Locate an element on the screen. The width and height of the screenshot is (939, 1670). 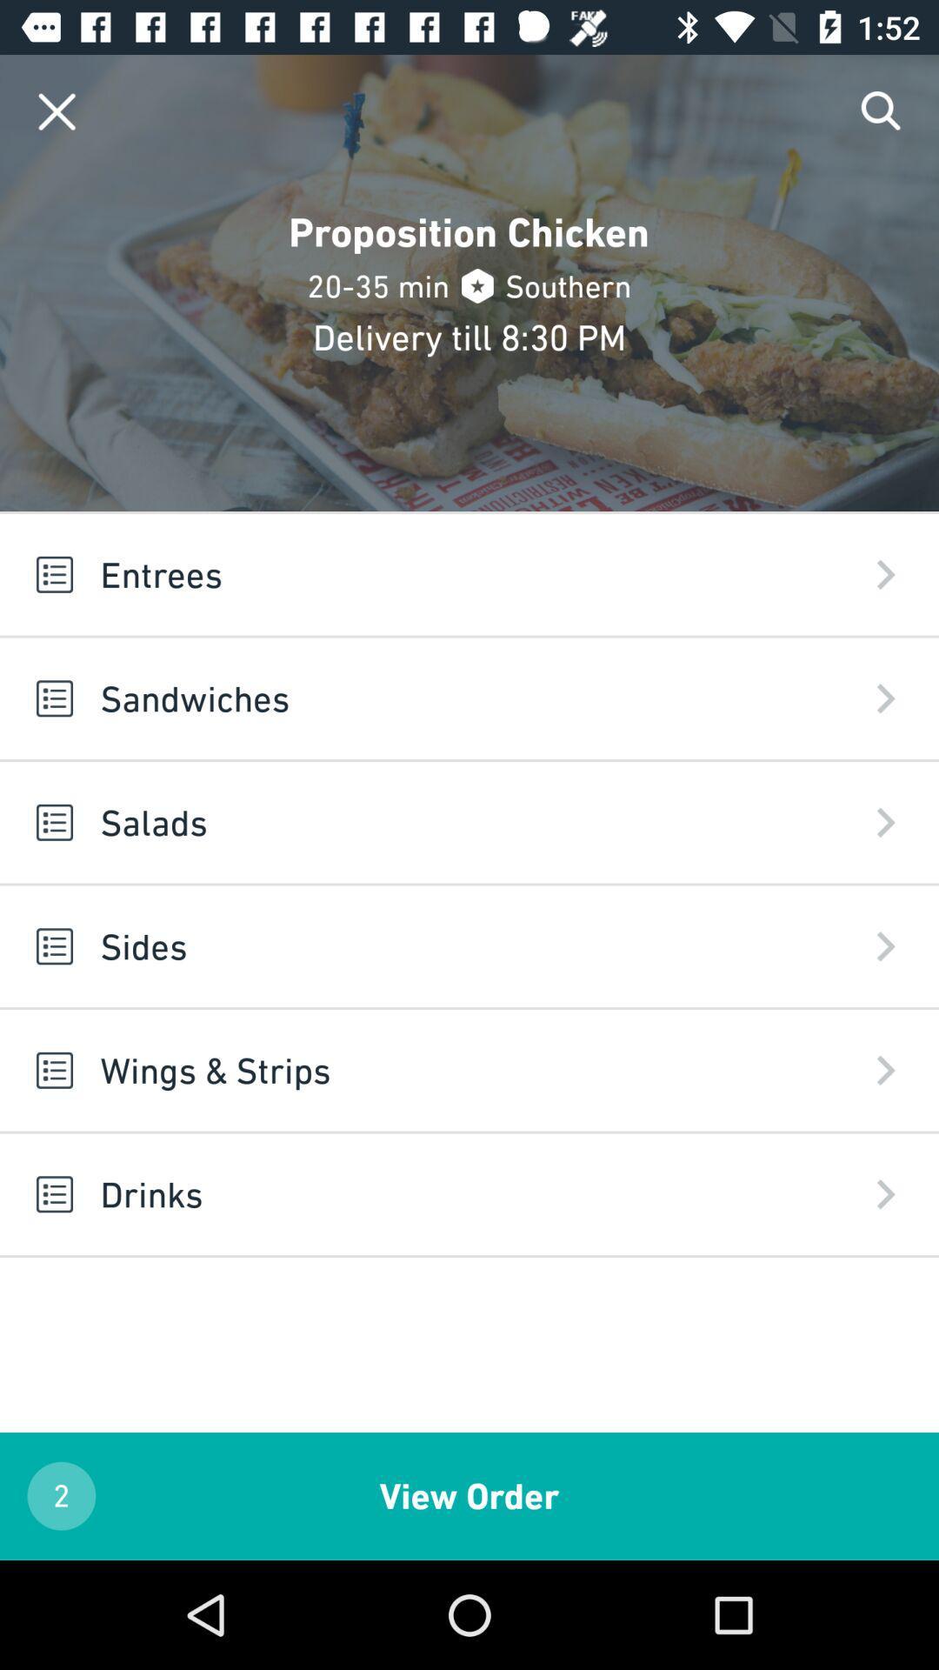
search is located at coordinates (882, 110).